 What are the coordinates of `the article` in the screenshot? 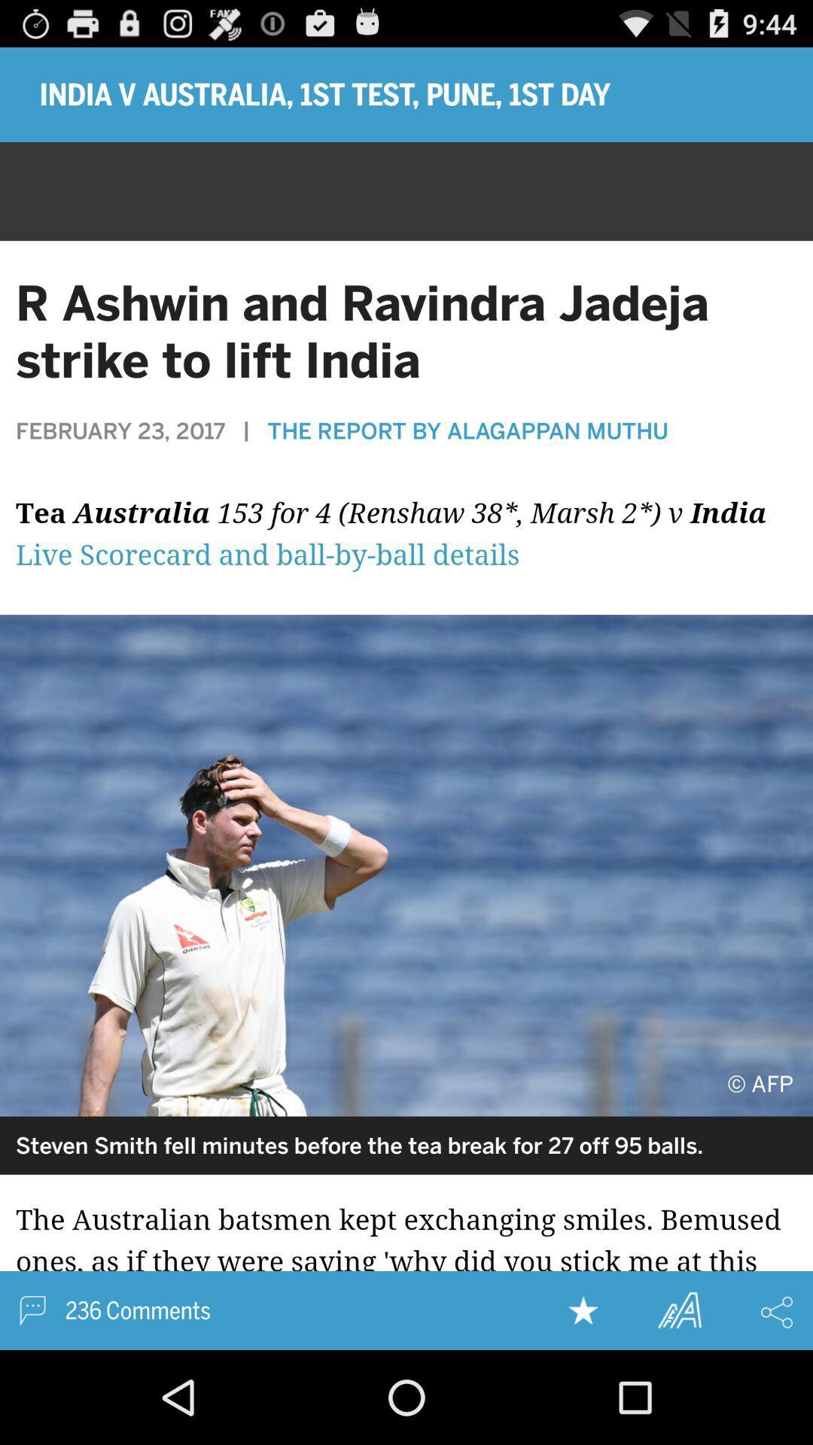 It's located at (583, 1310).